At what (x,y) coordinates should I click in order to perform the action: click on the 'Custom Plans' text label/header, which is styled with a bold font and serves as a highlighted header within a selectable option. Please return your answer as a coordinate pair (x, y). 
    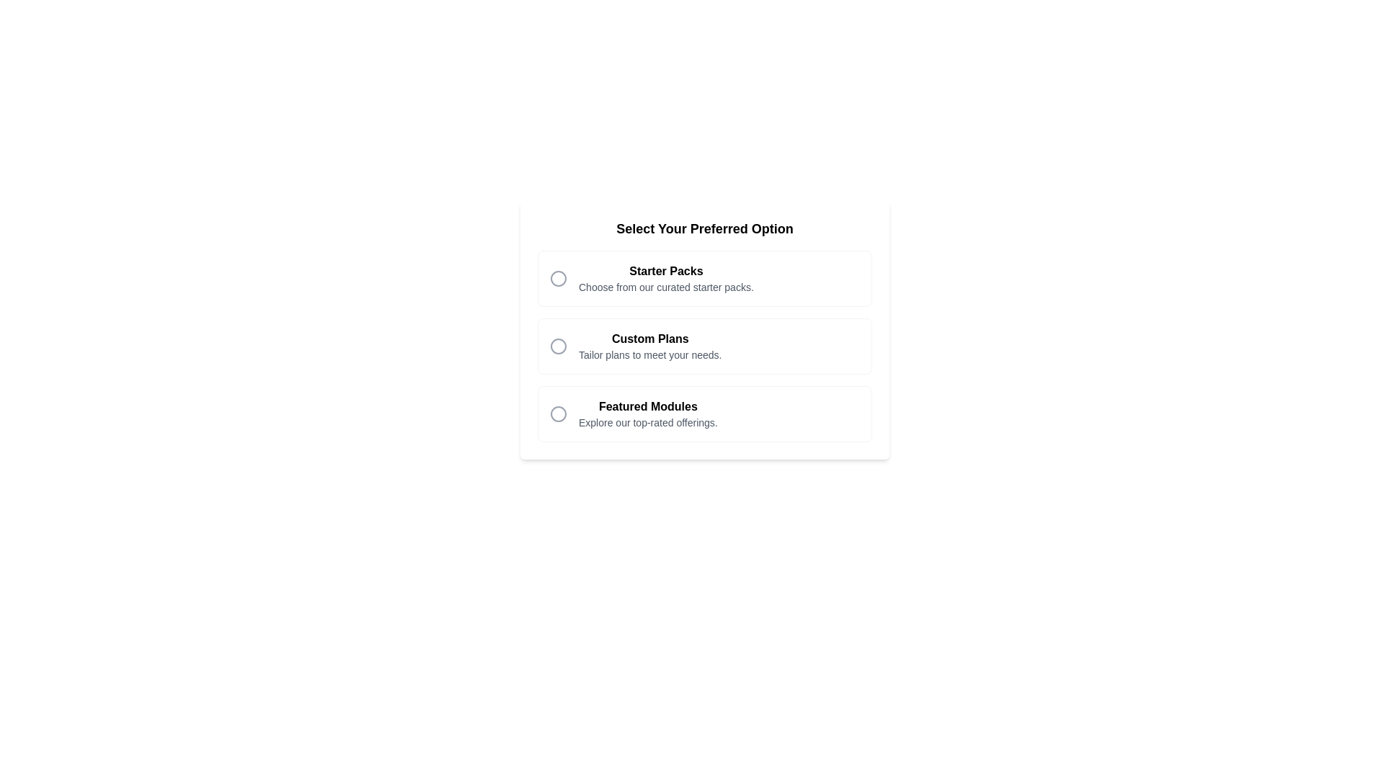
    Looking at the image, I should click on (649, 339).